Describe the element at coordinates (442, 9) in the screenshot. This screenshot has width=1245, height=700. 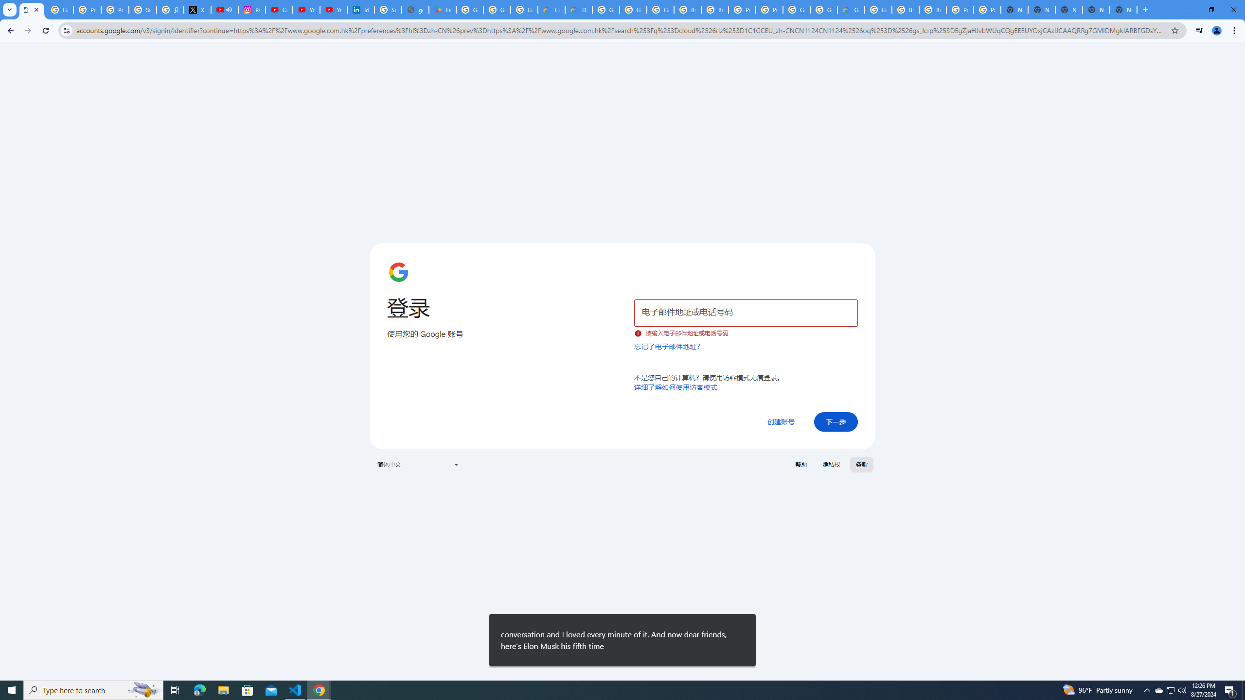
I see `'Last Shelter: Survival - Apps on Google Play'` at that location.